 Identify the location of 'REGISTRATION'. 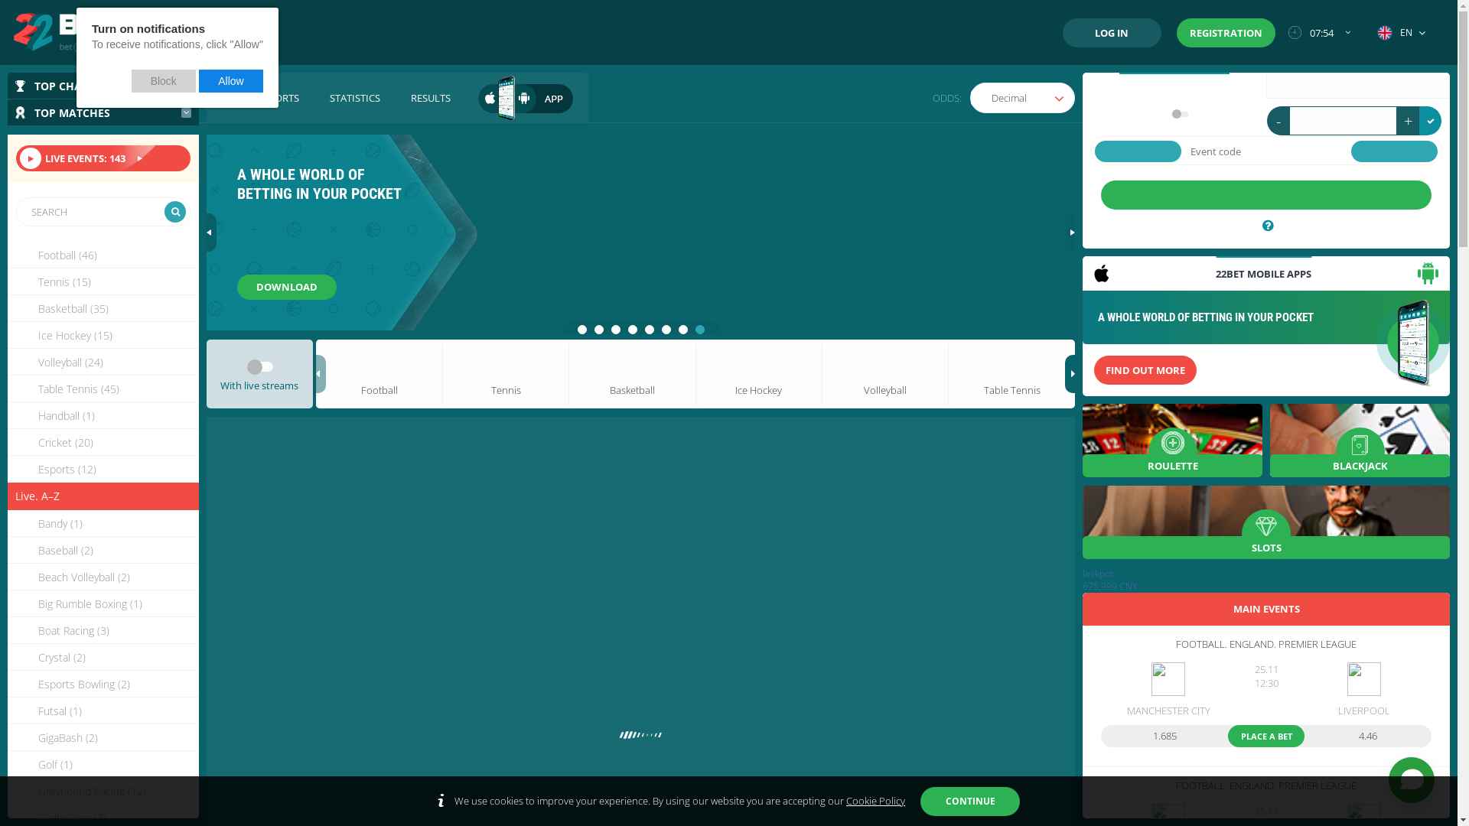
(1226, 32).